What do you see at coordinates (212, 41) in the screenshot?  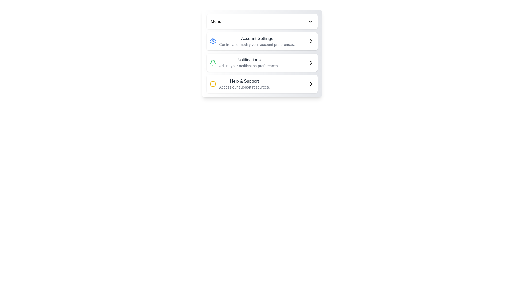 I see `the gear-shaped icon with a blue outline located next to the 'Account Settings' text` at bounding box center [212, 41].